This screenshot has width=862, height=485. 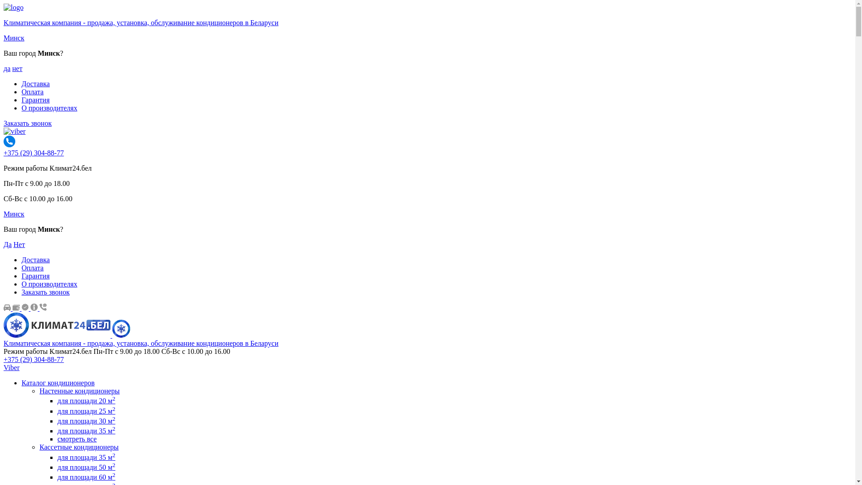 What do you see at coordinates (34, 359) in the screenshot?
I see `'+375 (29) 304-88-77'` at bounding box center [34, 359].